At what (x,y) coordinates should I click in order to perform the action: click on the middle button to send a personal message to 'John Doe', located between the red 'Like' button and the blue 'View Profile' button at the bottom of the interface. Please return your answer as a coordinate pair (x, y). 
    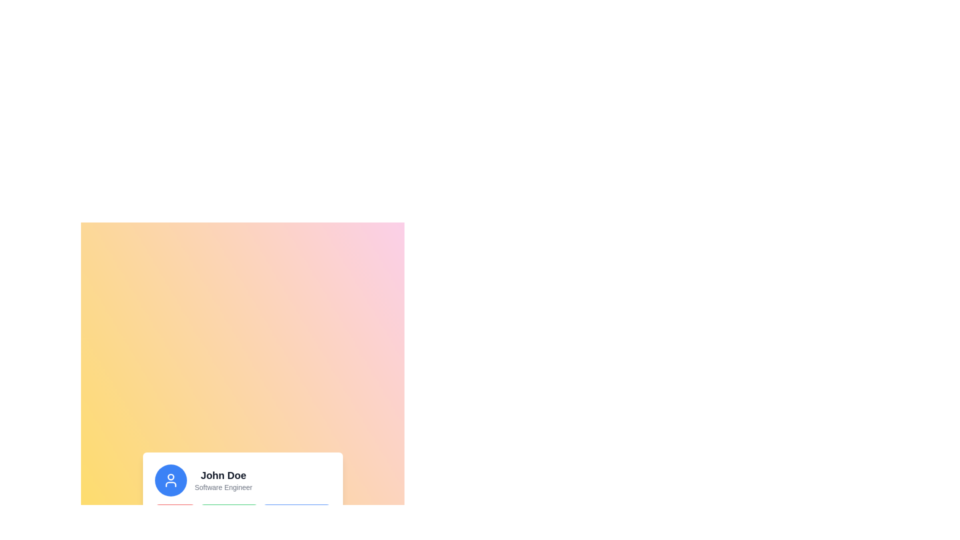
    Looking at the image, I should click on (228, 512).